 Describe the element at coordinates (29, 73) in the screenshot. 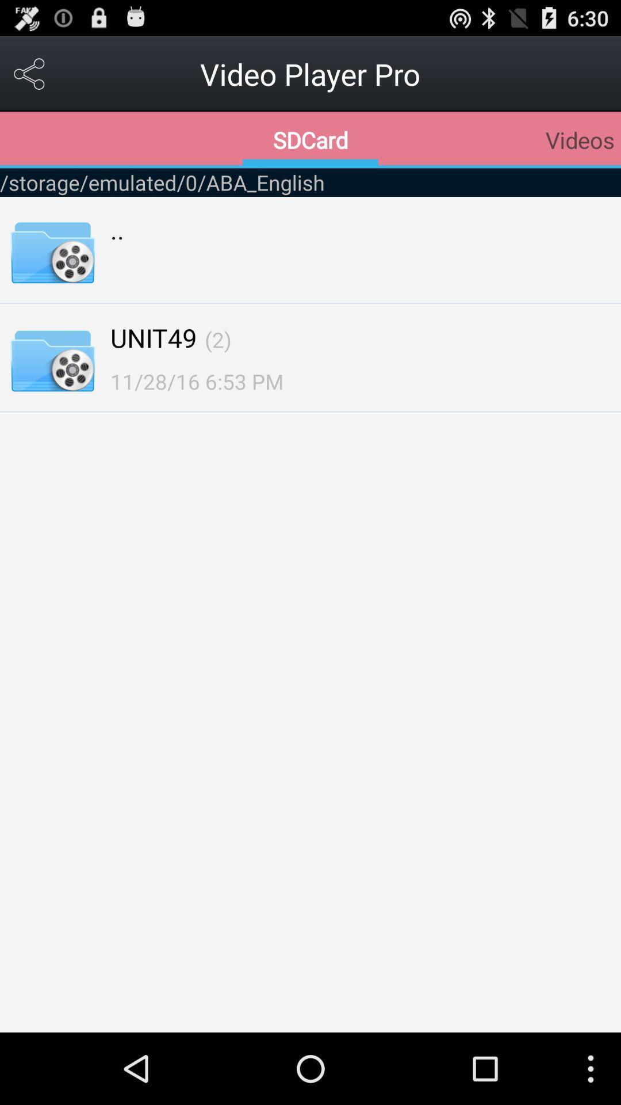

I see `item next to video player pro` at that location.